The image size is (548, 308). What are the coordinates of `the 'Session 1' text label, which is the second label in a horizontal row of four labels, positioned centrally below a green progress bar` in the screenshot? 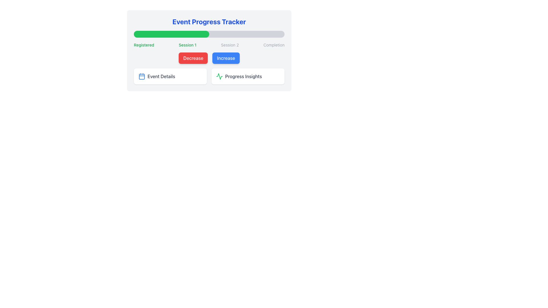 It's located at (188, 45).